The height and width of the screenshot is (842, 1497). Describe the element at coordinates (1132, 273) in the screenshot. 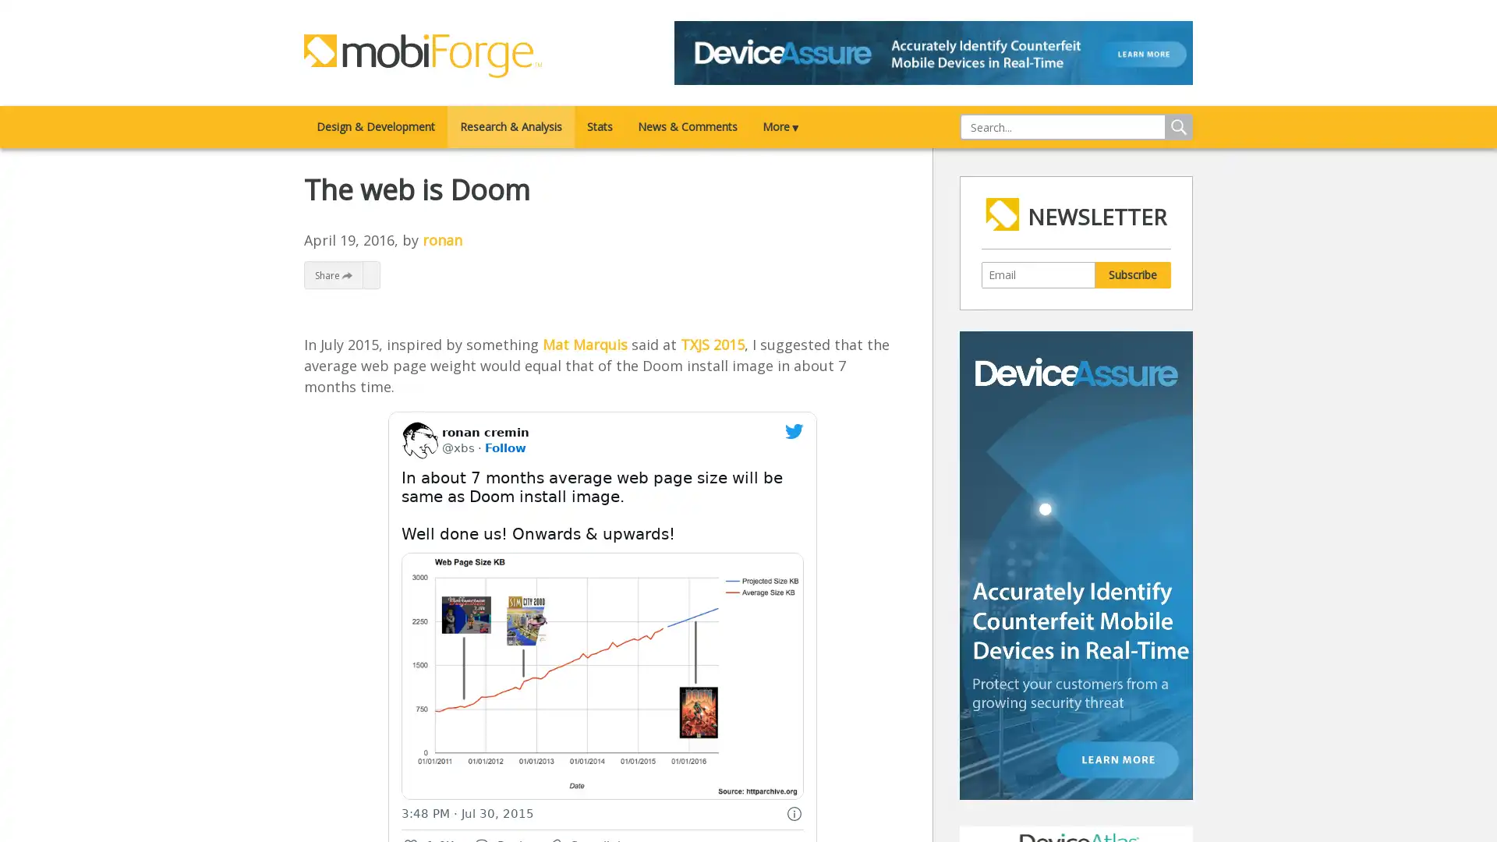

I see `Subscribe` at that location.